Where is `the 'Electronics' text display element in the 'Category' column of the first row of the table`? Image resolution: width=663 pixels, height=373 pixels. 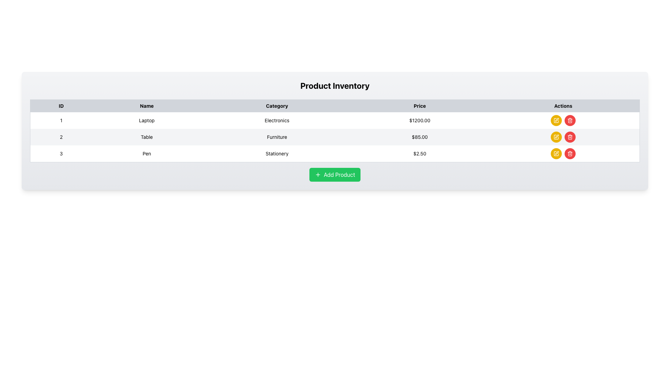 the 'Electronics' text display element in the 'Category' column of the first row of the table is located at coordinates (277, 120).